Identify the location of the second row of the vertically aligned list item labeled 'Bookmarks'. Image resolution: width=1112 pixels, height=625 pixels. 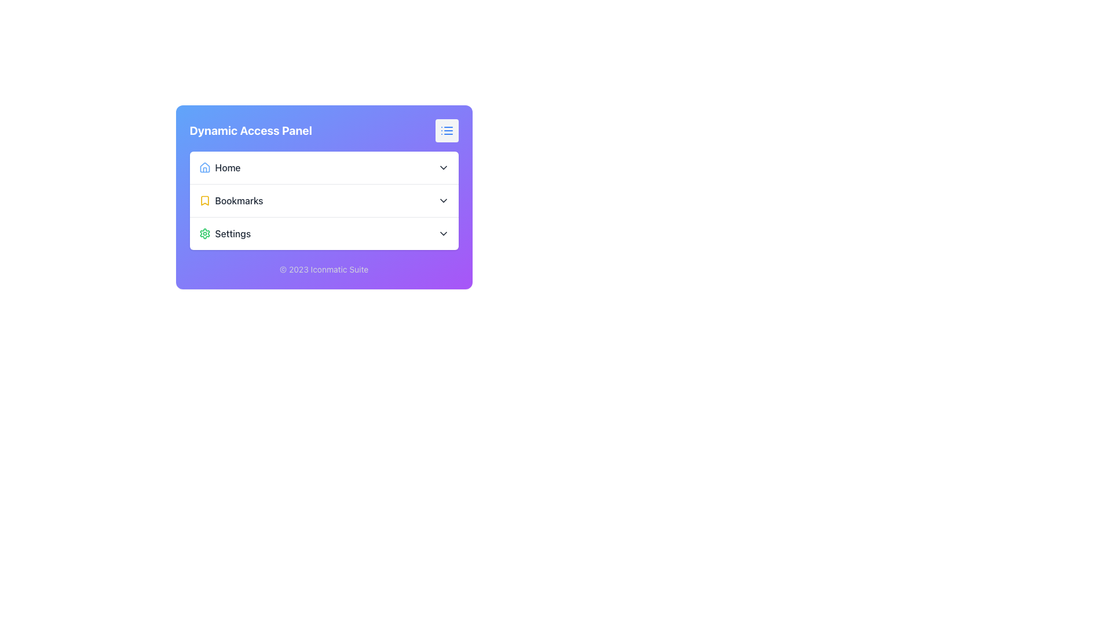
(324, 200).